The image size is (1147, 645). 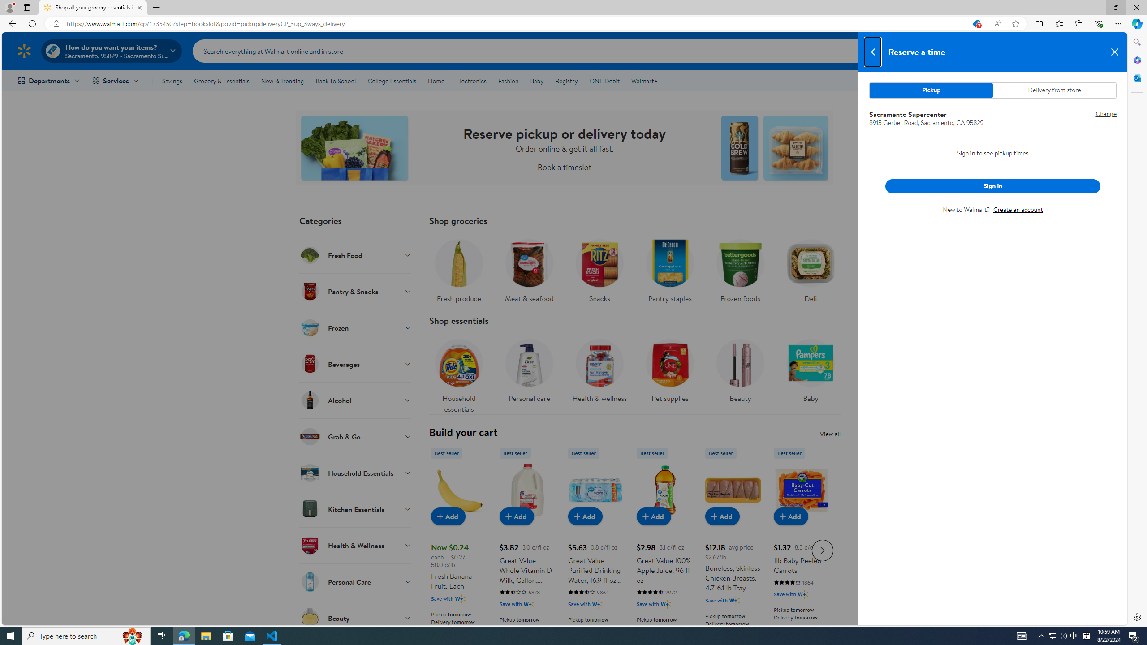 I want to click on 'Fresh Food', so click(x=355, y=254).